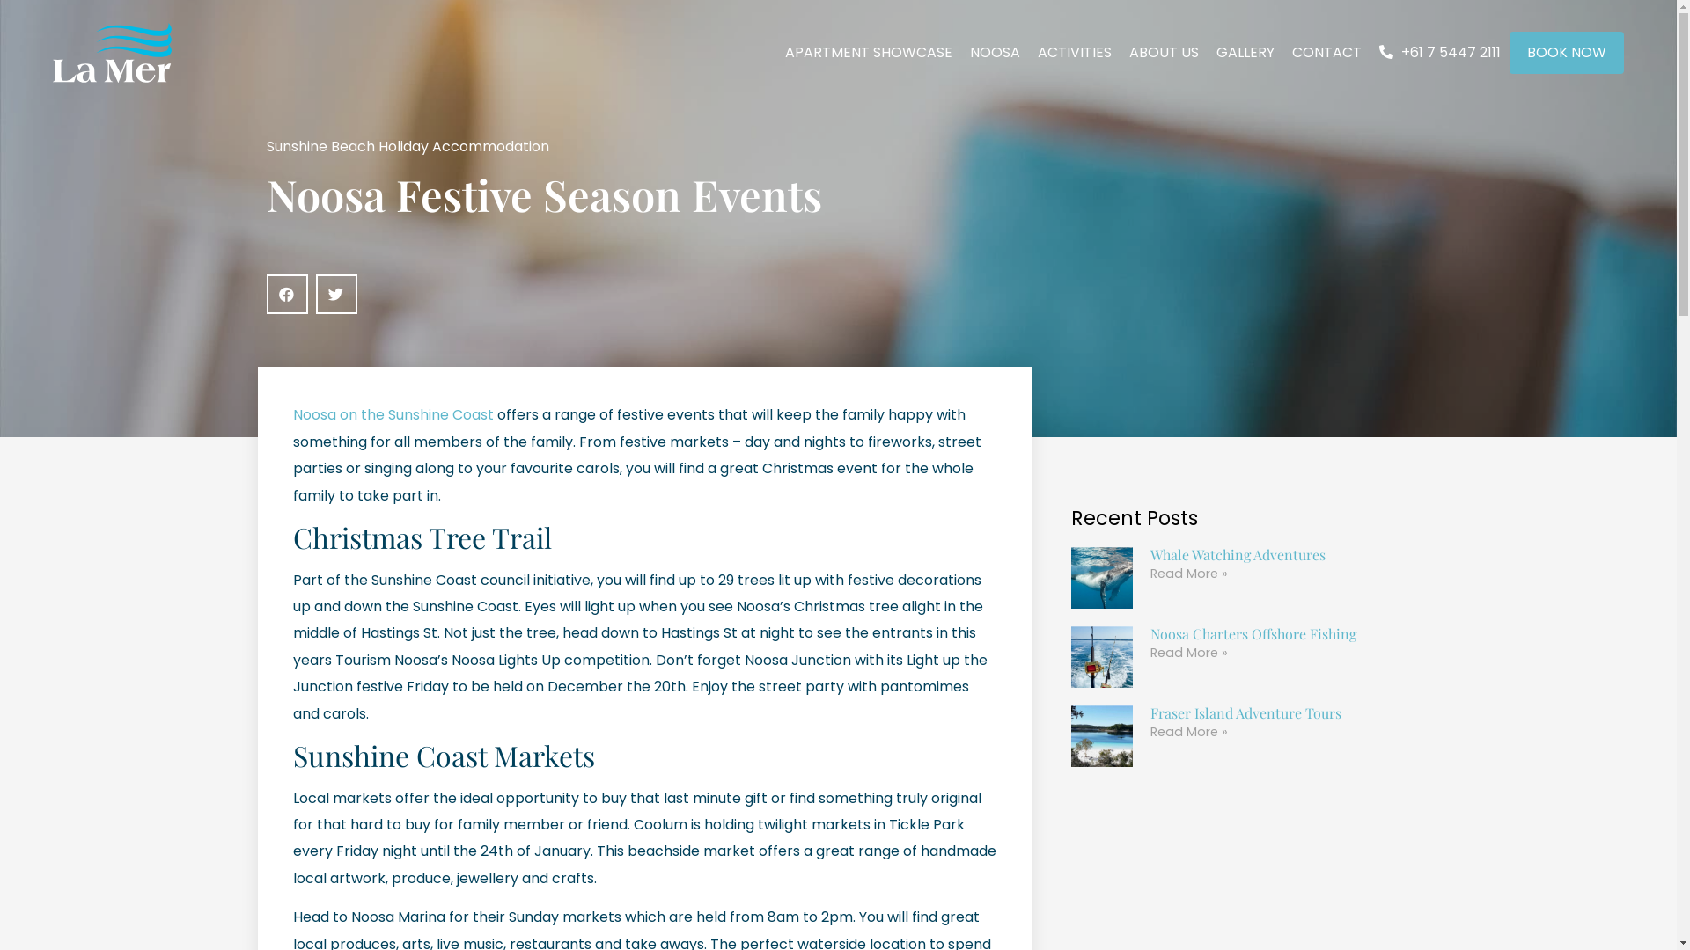 Image resolution: width=1690 pixels, height=950 pixels. Describe the element at coordinates (392, 414) in the screenshot. I see `'Noosa on the Sunshine Coast'` at that location.